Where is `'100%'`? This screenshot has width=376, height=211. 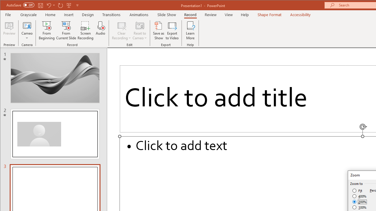 '100%' is located at coordinates (359, 207).